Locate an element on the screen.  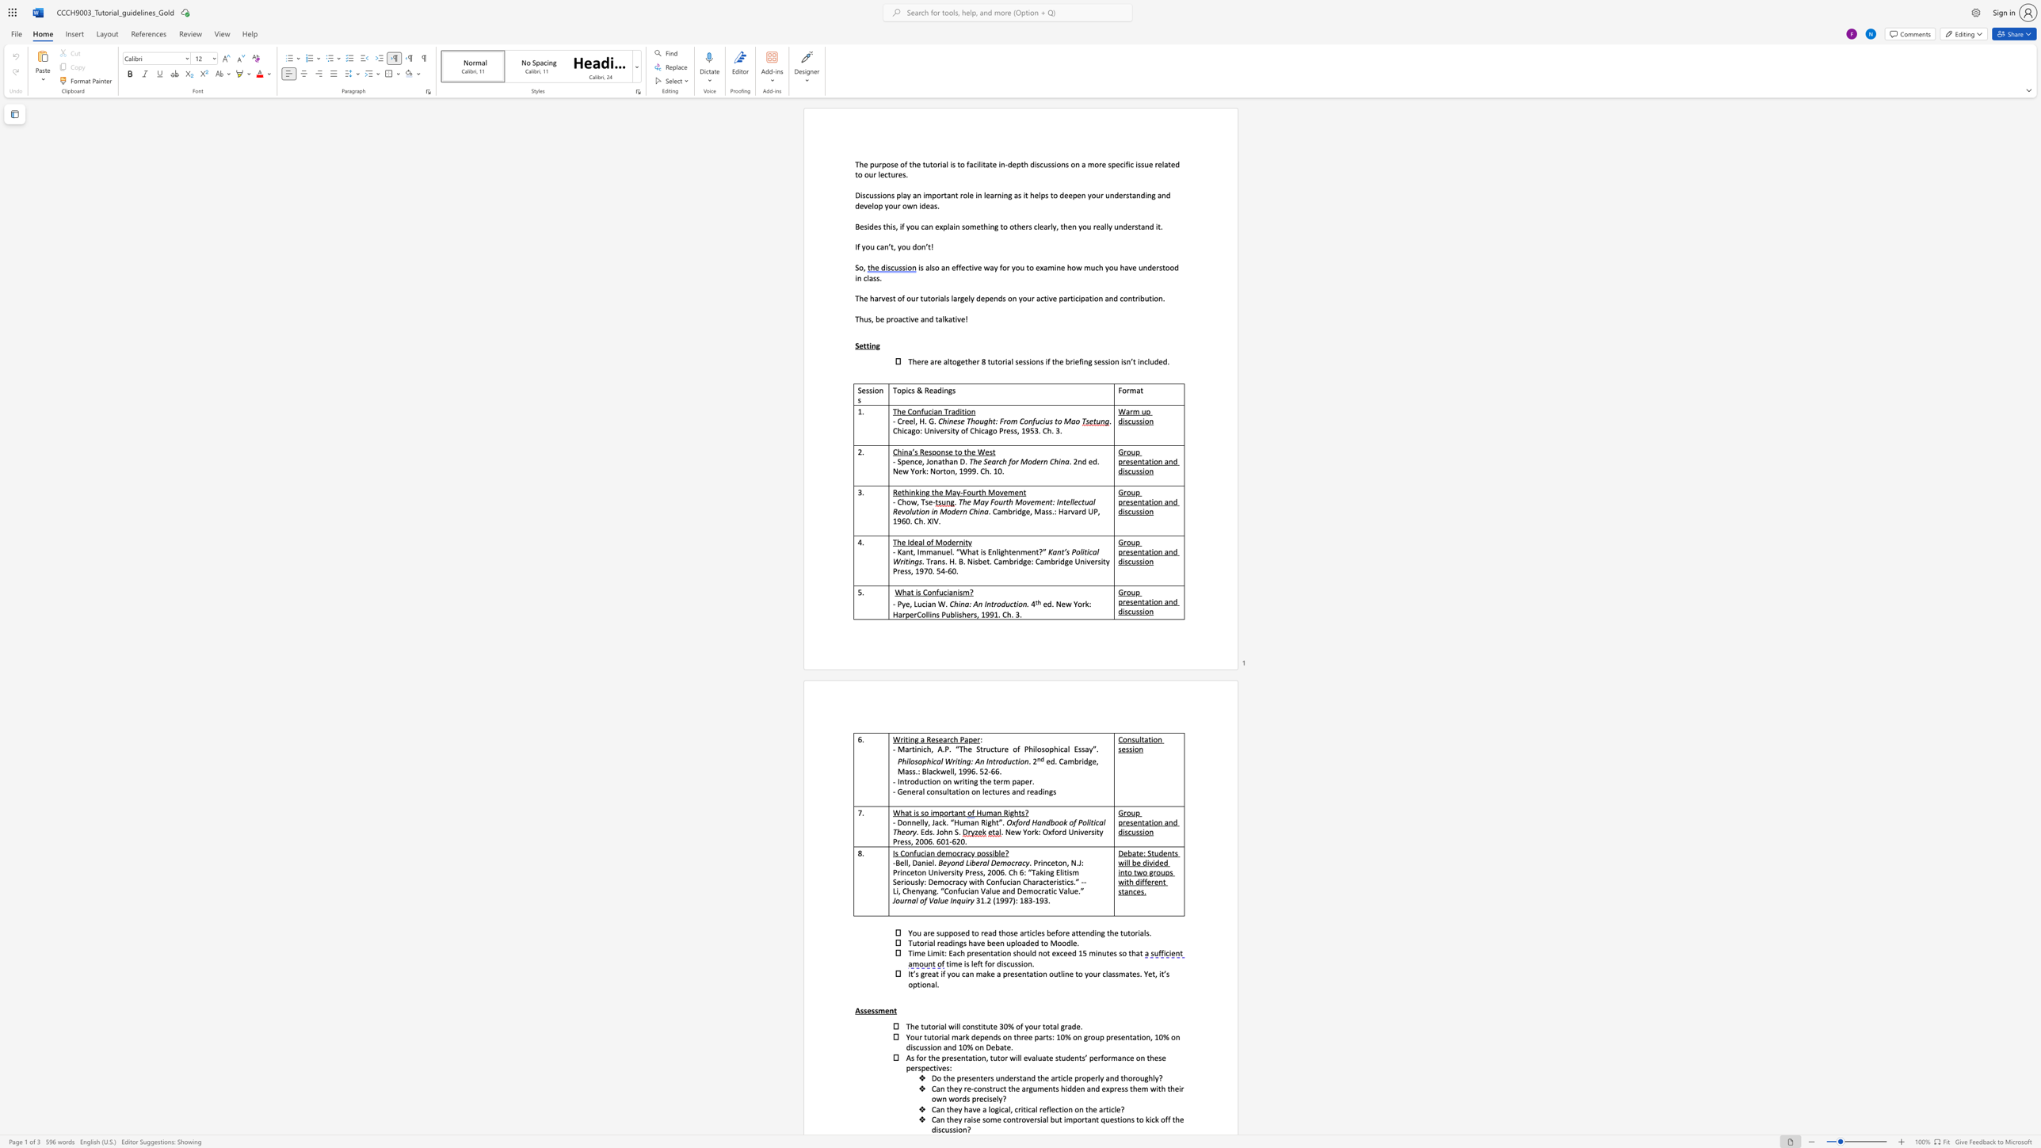
the subset text "on and discu" within the text "Group presentation and discussion" is located at coordinates (1152, 822).